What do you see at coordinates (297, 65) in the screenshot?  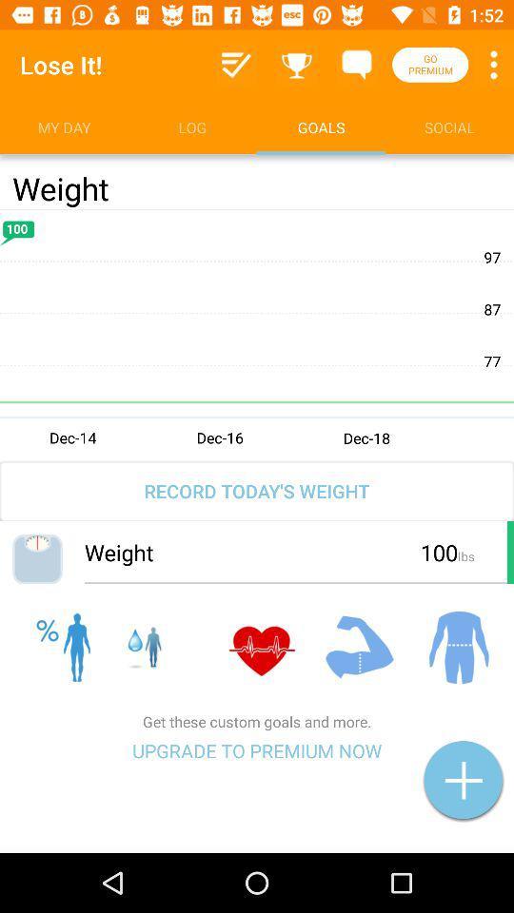 I see `goal reached` at bounding box center [297, 65].